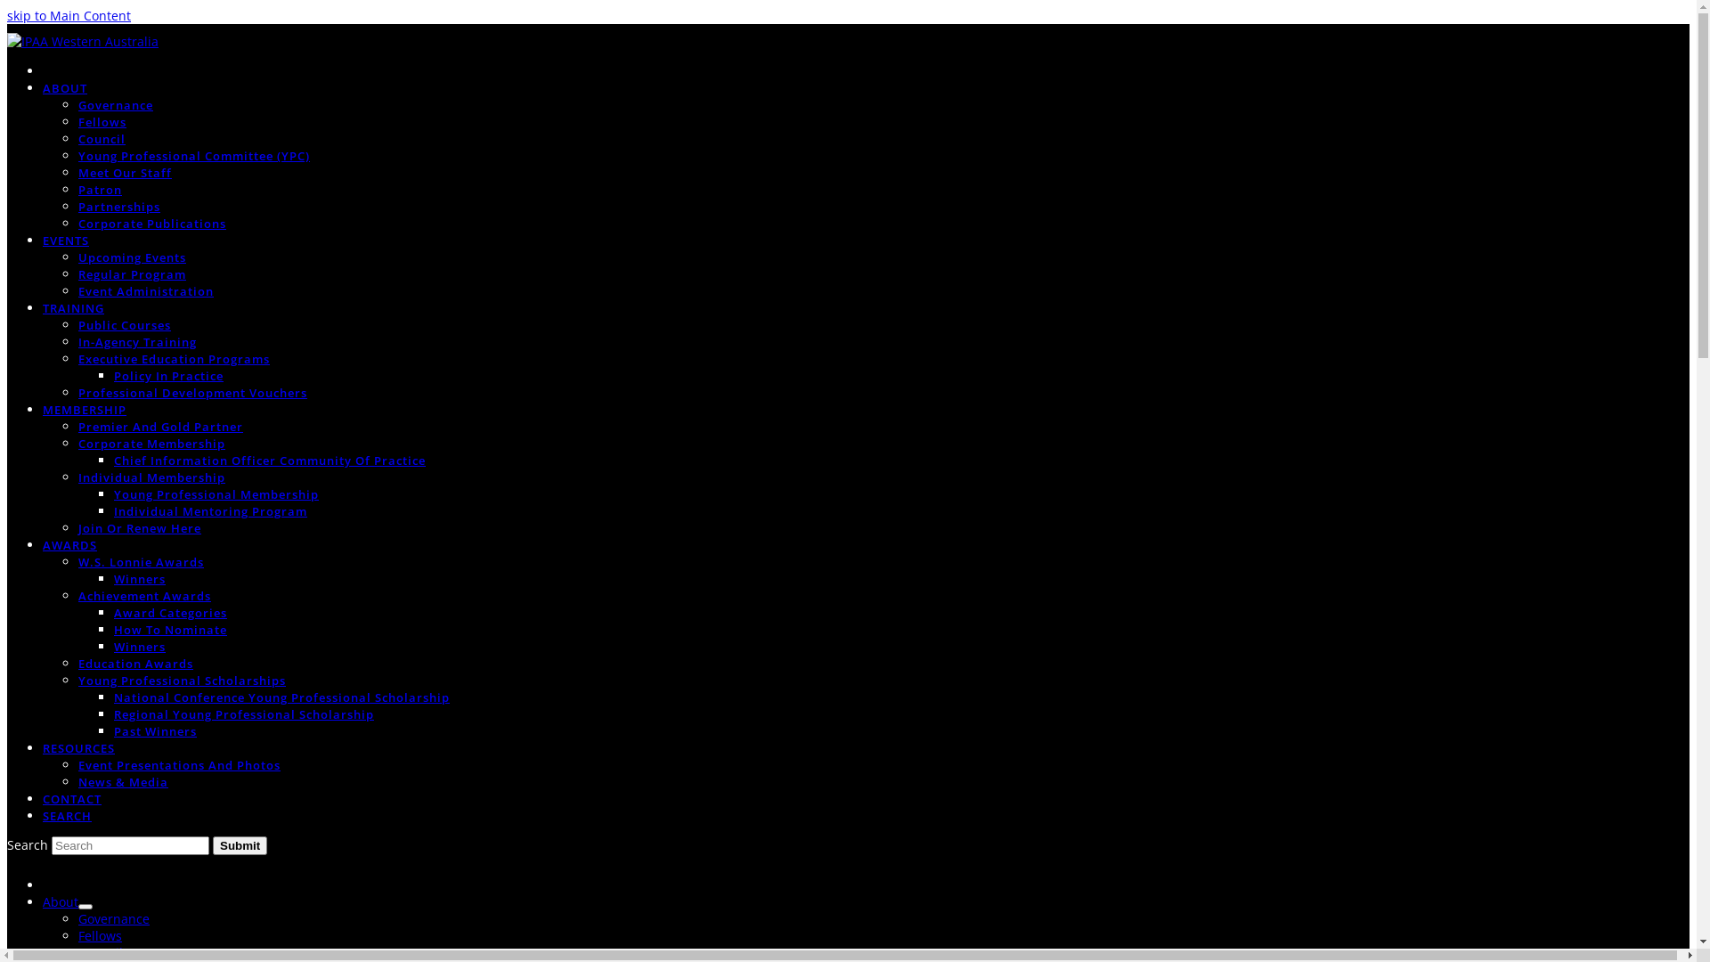 The width and height of the screenshot is (1710, 962). Describe the element at coordinates (77, 747) in the screenshot. I see `'RESOURCES'` at that location.